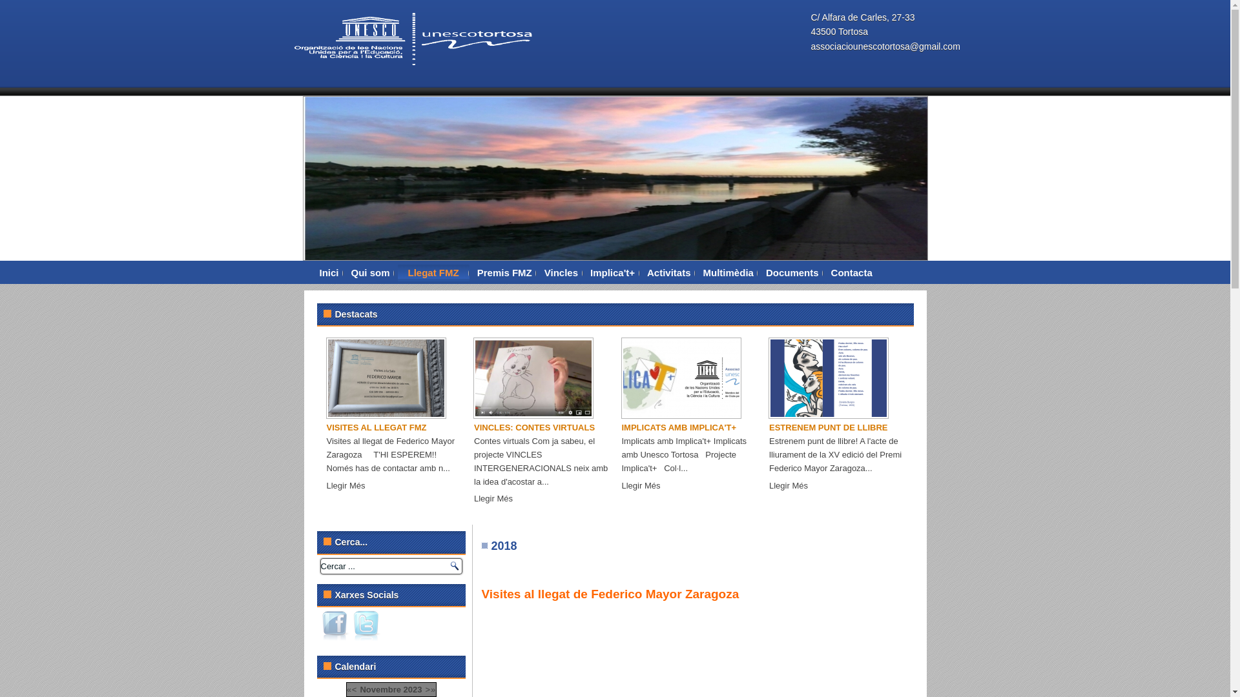  What do you see at coordinates (412, 689) in the screenshot?
I see `'2023'` at bounding box center [412, 689].